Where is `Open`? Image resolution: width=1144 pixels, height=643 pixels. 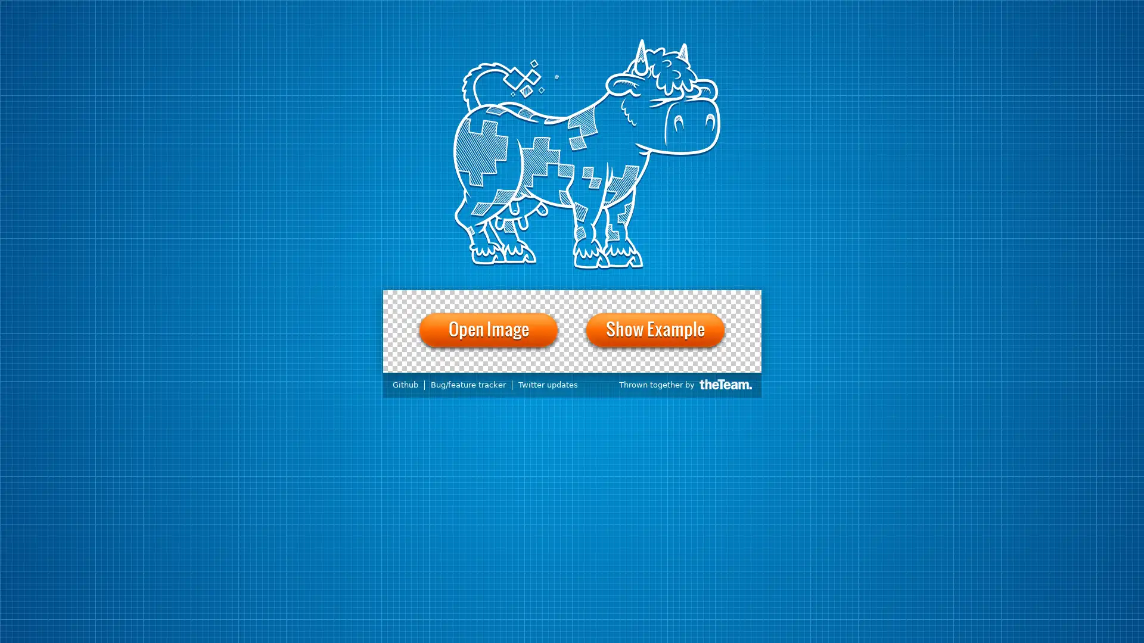
Open is located at coordinates (408, 297).